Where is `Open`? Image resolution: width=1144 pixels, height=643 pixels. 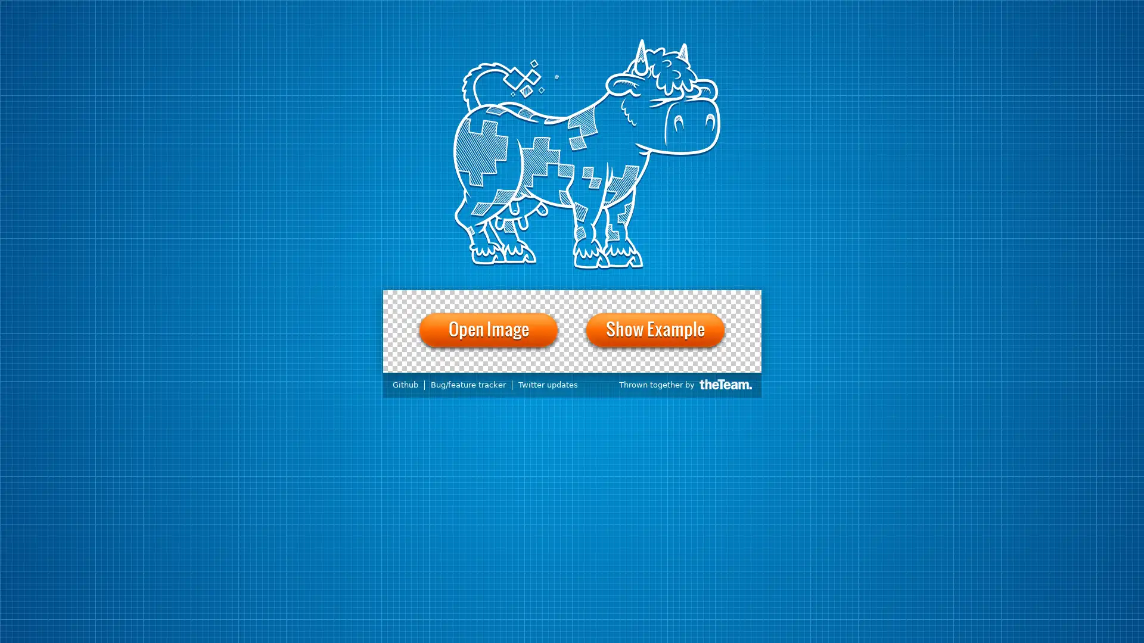
Open is located at coordinates (408, 297).